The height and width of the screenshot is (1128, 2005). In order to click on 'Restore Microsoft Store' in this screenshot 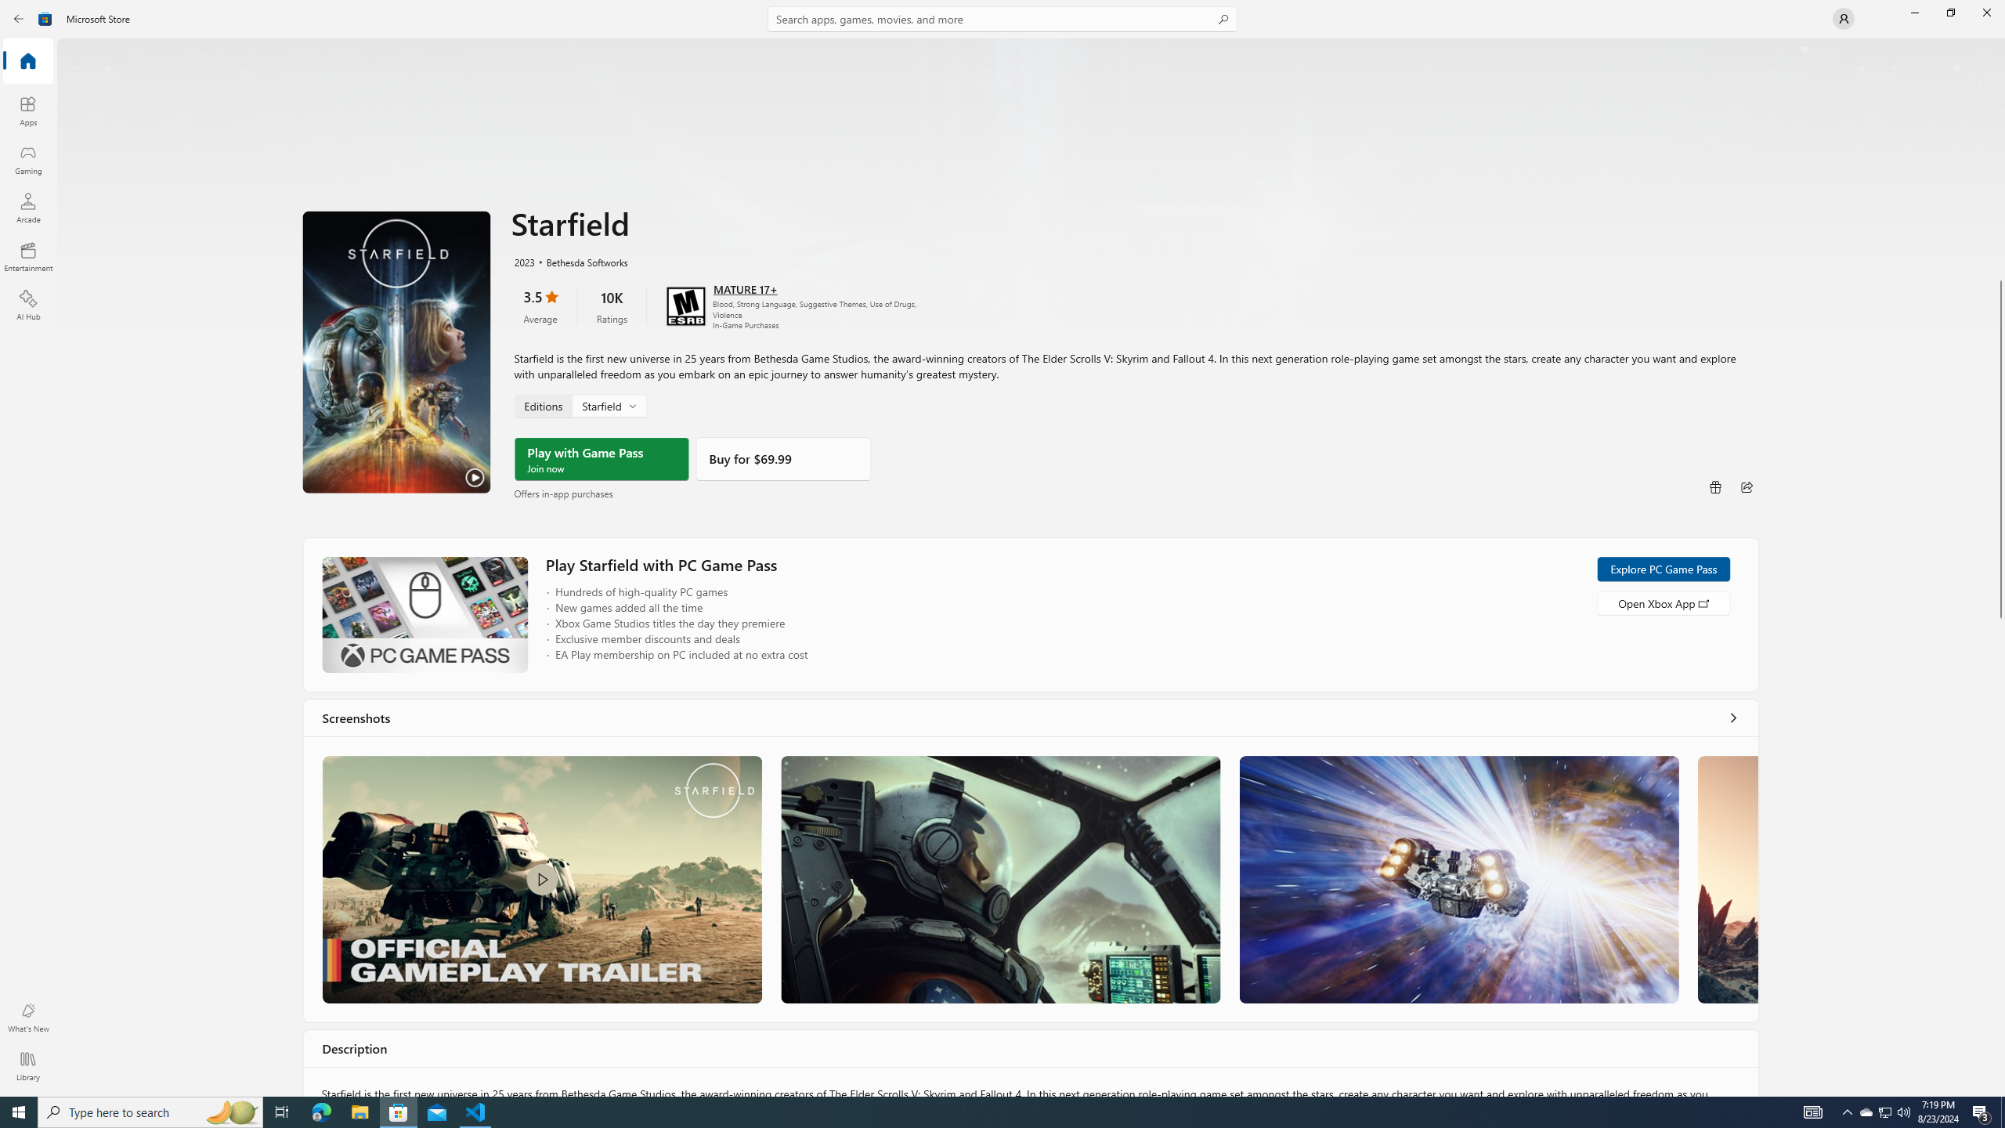, I will do `click(1950, 12)`.